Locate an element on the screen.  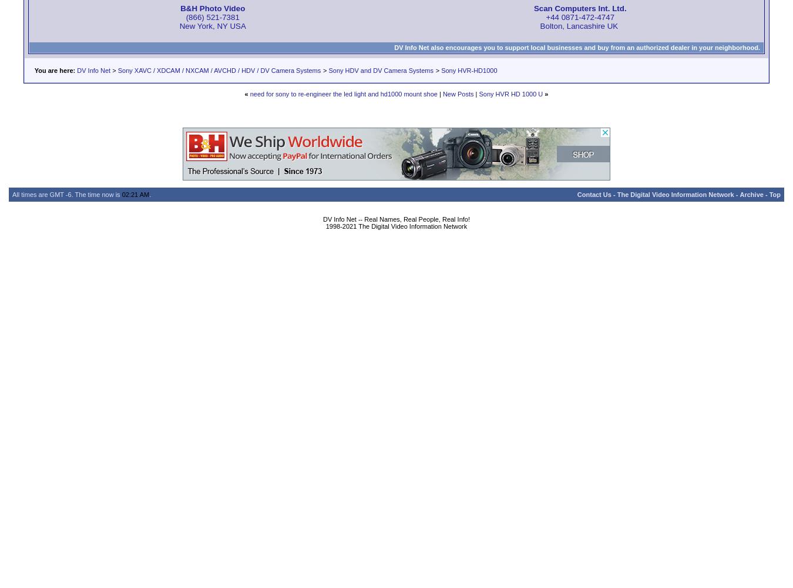
'New York, NY USA' is located at coordinates (212, 25).